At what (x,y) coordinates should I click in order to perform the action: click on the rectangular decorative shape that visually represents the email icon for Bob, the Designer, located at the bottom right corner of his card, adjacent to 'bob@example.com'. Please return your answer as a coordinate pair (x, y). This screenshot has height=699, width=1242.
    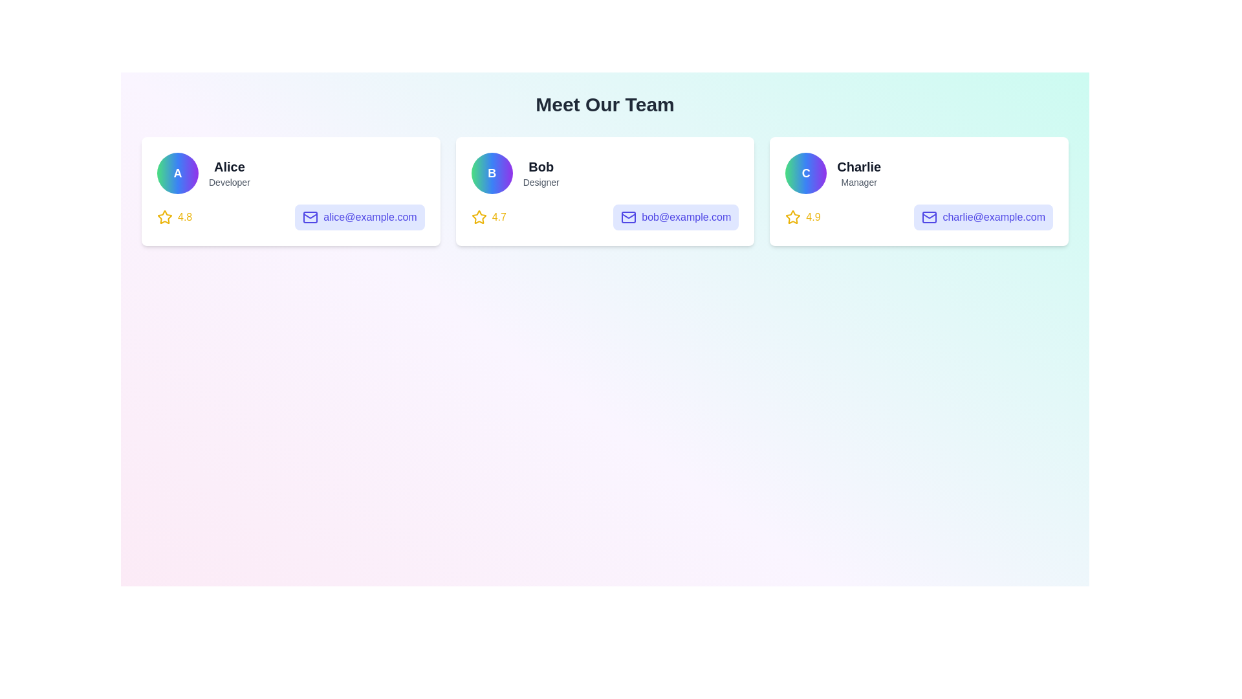
    Looking at the image, I should click on (629, 216).